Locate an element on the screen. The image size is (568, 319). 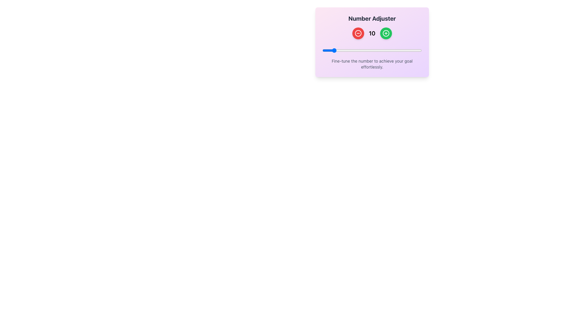
the slider is located at coordinates (326, 50).